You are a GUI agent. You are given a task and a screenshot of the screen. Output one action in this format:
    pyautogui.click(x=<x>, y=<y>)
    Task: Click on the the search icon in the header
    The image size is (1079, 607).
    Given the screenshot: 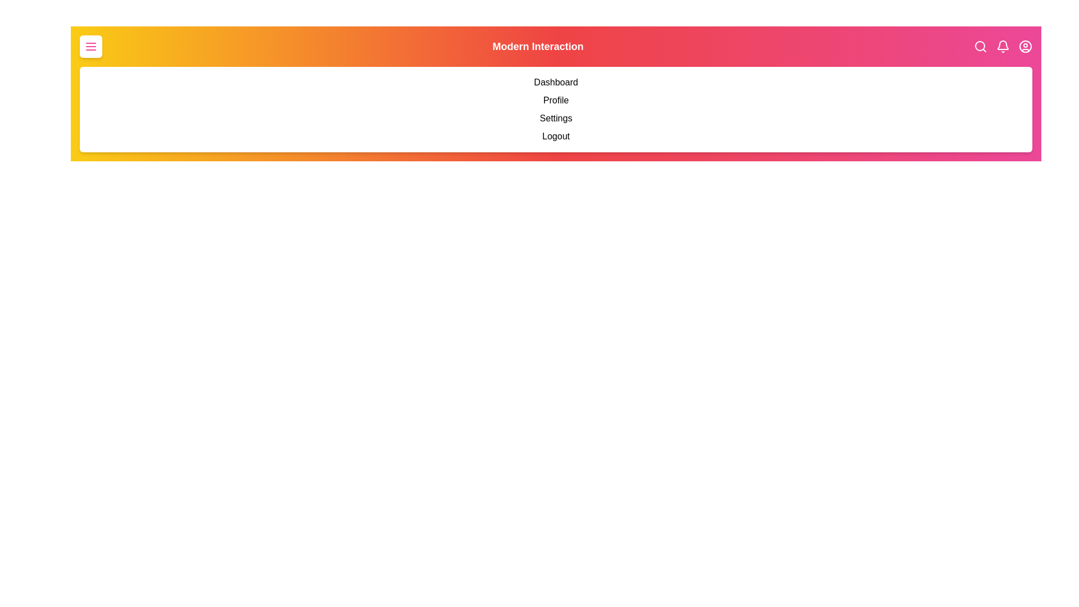 What is the action you would take?
    pyautogui.click(x=980, y=46)
    